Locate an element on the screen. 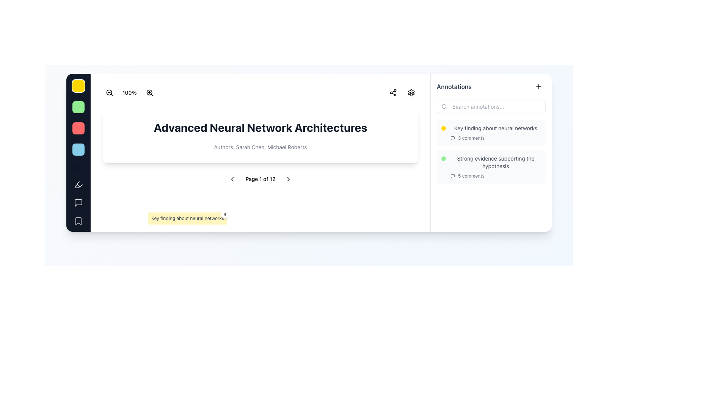  the top interactive annotation card in the 'Annotations' panel is located at coordinates (491, 133).